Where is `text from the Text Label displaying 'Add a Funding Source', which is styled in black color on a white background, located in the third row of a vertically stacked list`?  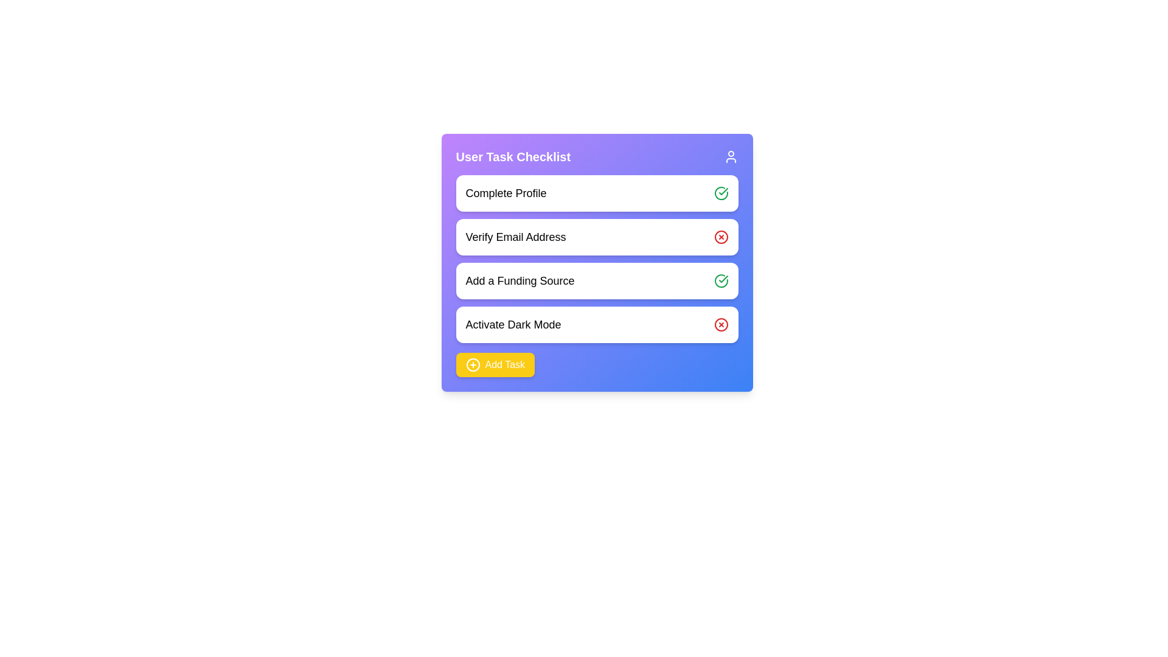
text from the Text Label displaying 'Add a Funding Source', which is styled in black color on a white background, located in the third row of a vertically stacked list is located at coordinates (520, 281).